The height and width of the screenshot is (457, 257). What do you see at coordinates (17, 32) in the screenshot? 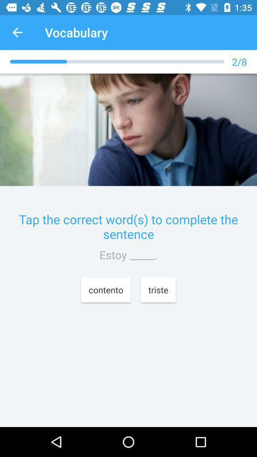
I see `item next to the vocabulary icon` at bounding box center [17, 32].